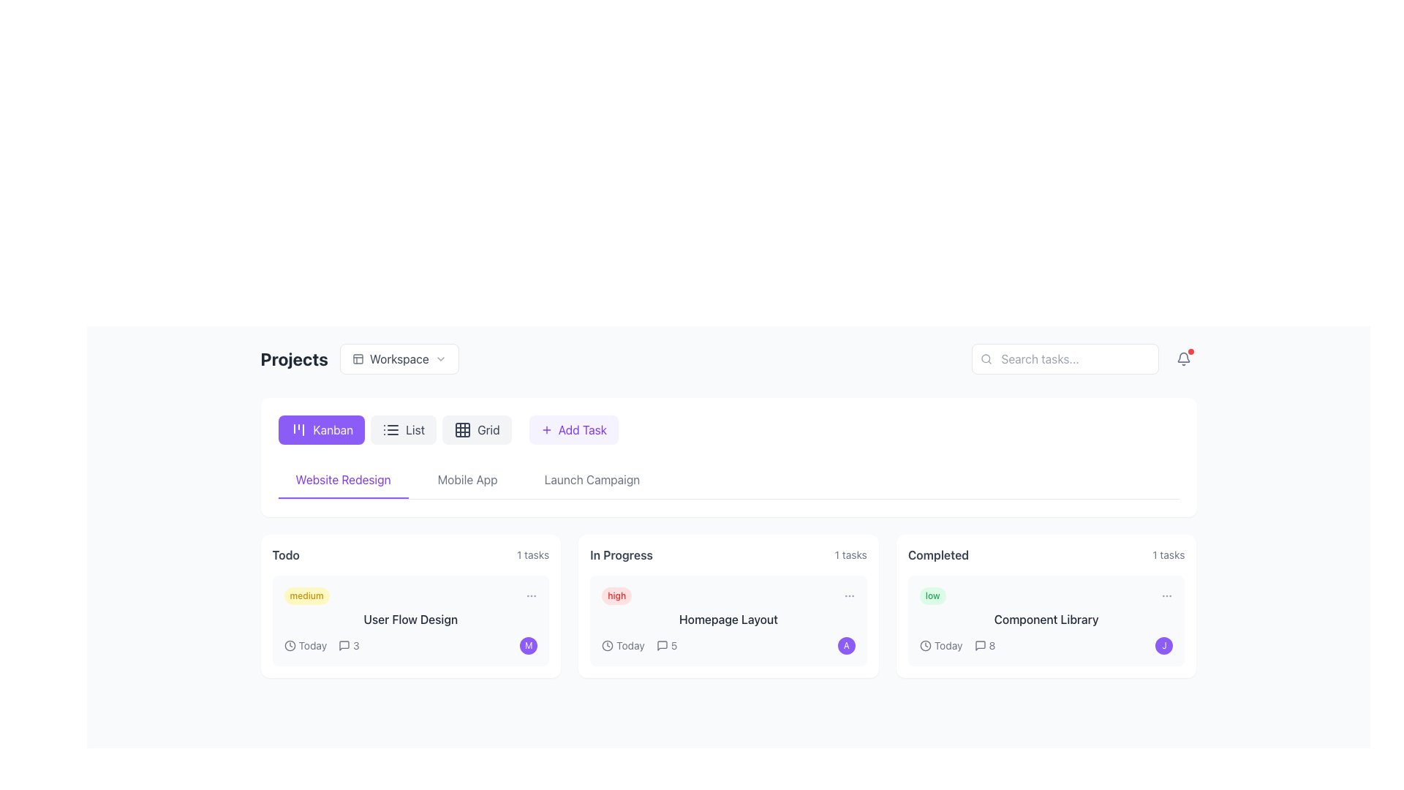  I want to click on the numeric value displayed in the text element indicating the count of comments associated with the 'Component Library' task card labeled 'Completed', so click(992, 645).